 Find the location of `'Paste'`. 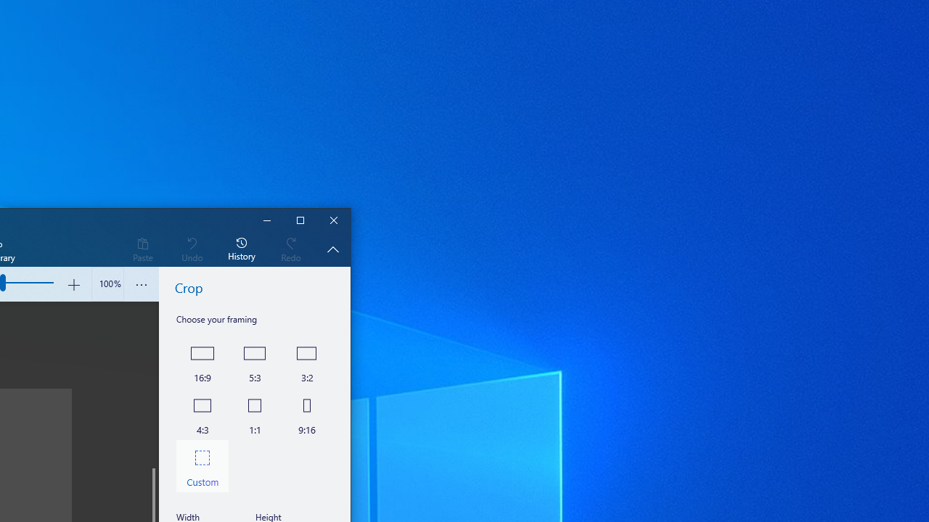

'Paste' is located at coordinates (142, 248).